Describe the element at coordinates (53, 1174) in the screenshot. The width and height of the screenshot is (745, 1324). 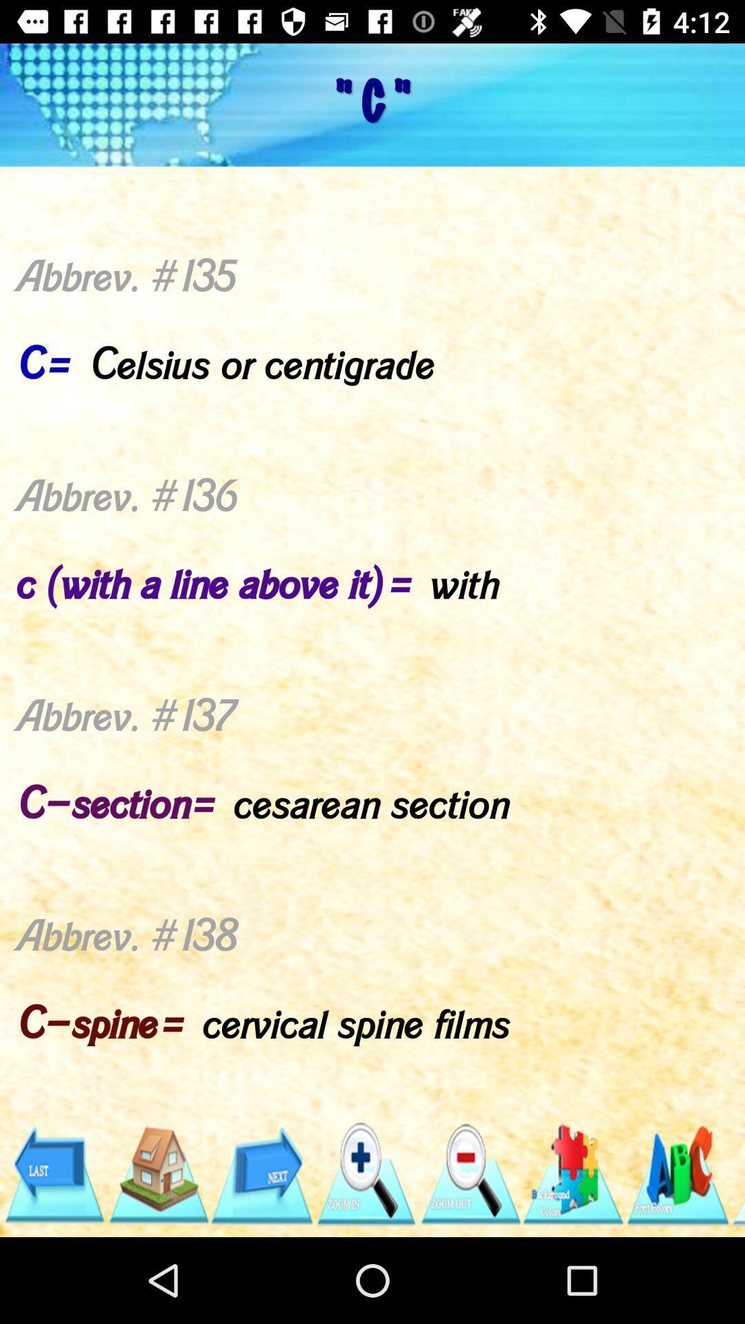
I see `the item below the abbrev 	135	 	c` at that location.